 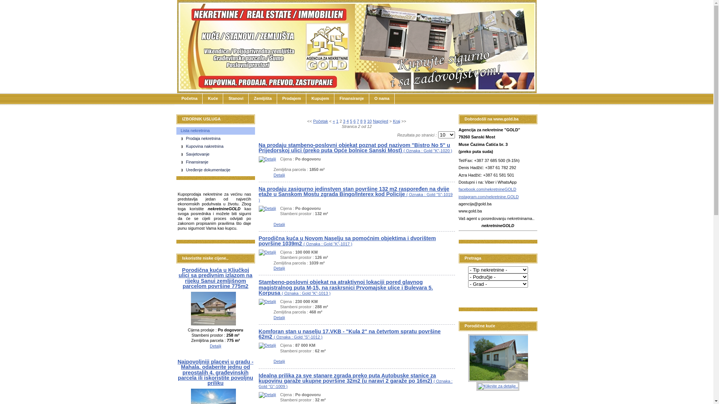 What do you see at coordinates (217, 154) in the screenshot?
I see `'Savjetovanje'` at bounding box center [217, 154].